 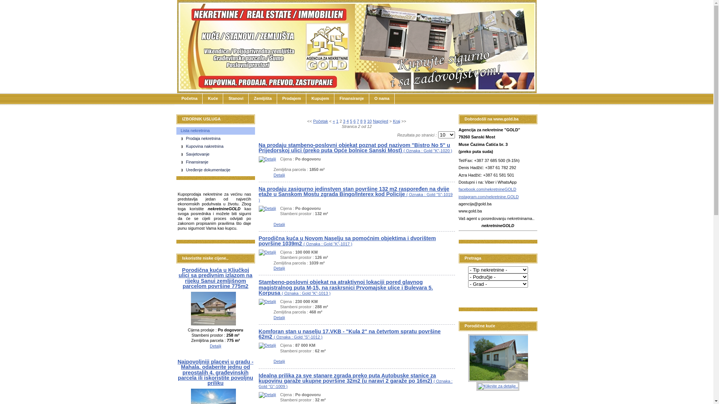 What do you see at coordinates (217, 154) in the screenshot?
I see `'Savjetovanje'` at bounding box center [217, 154].